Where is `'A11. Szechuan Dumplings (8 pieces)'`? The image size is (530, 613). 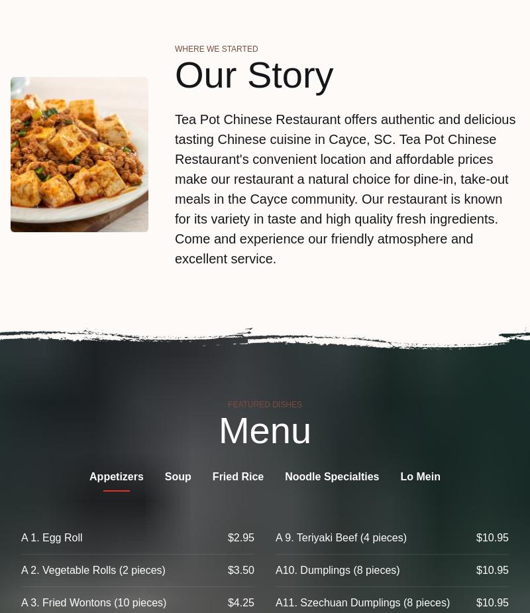
'A11. Szechuan Dumplings (8 pieces)' is located at coordinates (362, 602).